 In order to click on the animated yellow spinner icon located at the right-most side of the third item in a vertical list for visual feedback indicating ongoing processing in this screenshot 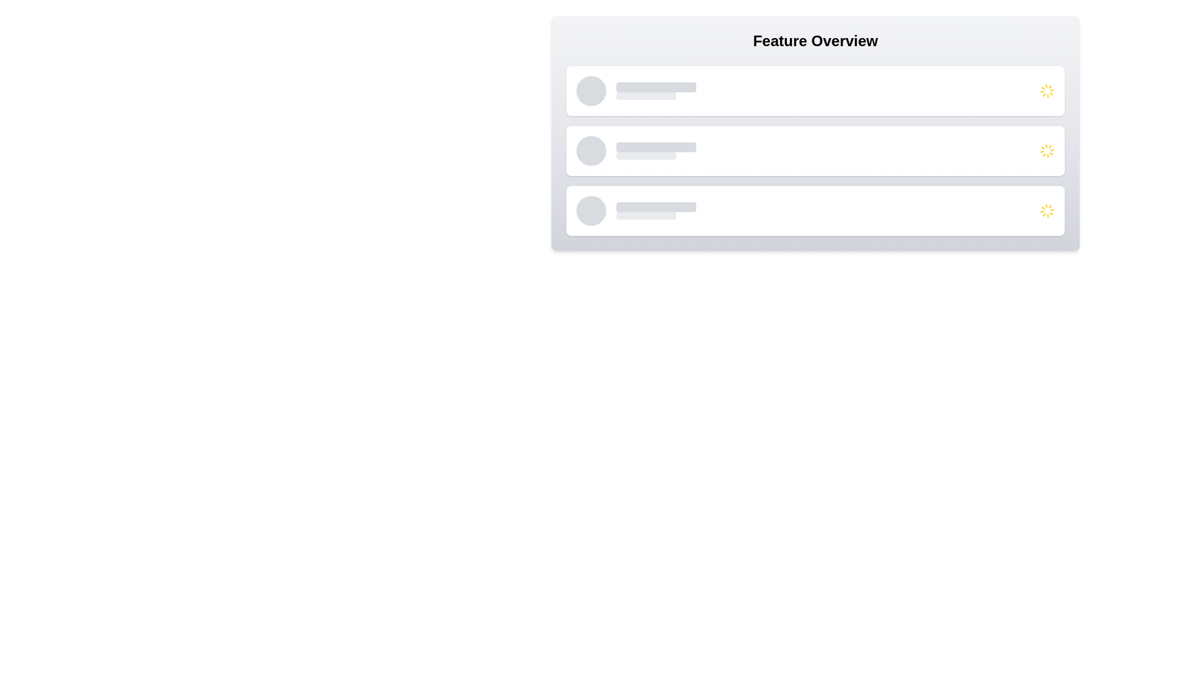, I will do `click(1047, 150)`.